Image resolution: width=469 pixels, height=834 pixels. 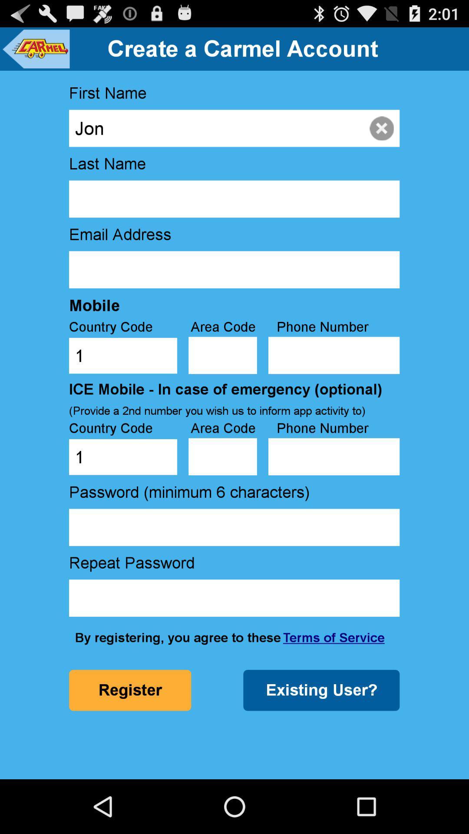 What do you see at coordinates (234, 199) in the screenshot?
I see `the item above the email address` at bounding box center [234, 199].